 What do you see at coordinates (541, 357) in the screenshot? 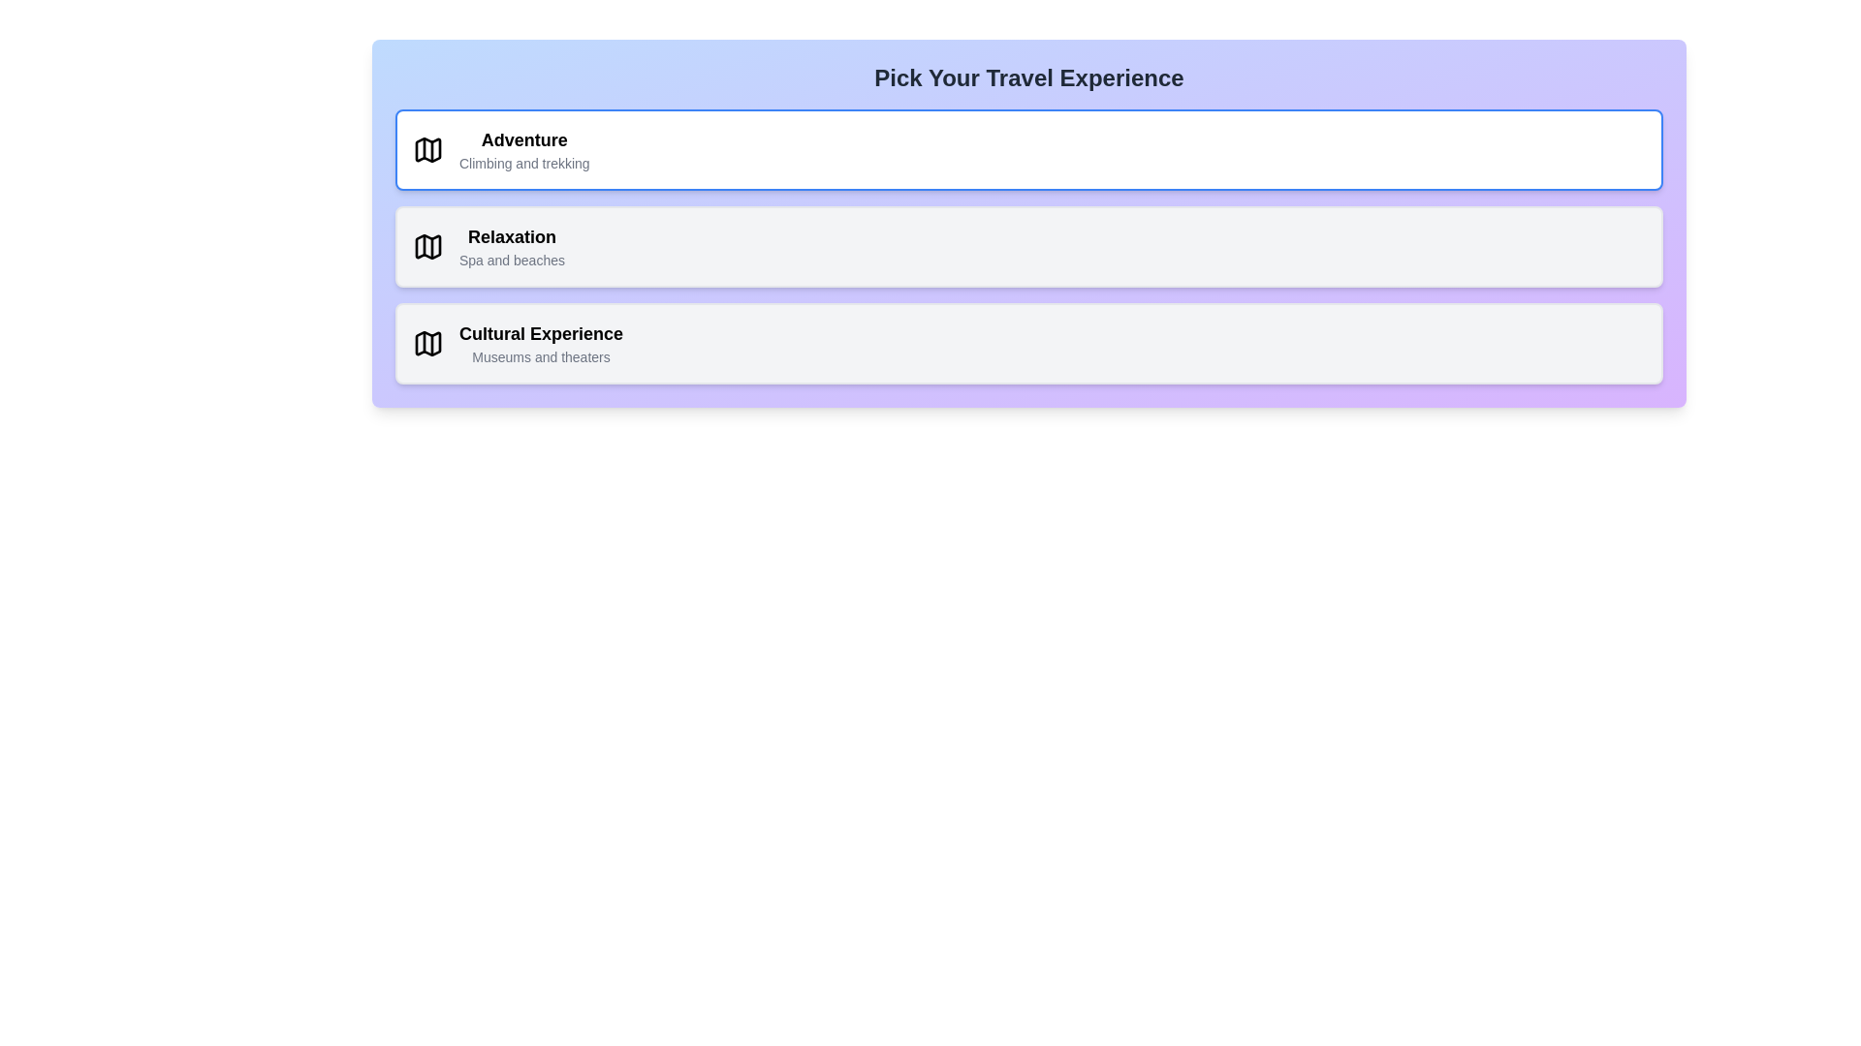
I see `the Text Label providing additional descriptive information about the 'Cultural Experience' category, located below the 'Cultural Experience' text in the third section of the list under 'Pick Your Travel Experience.'` at bounding box center [541, 357].